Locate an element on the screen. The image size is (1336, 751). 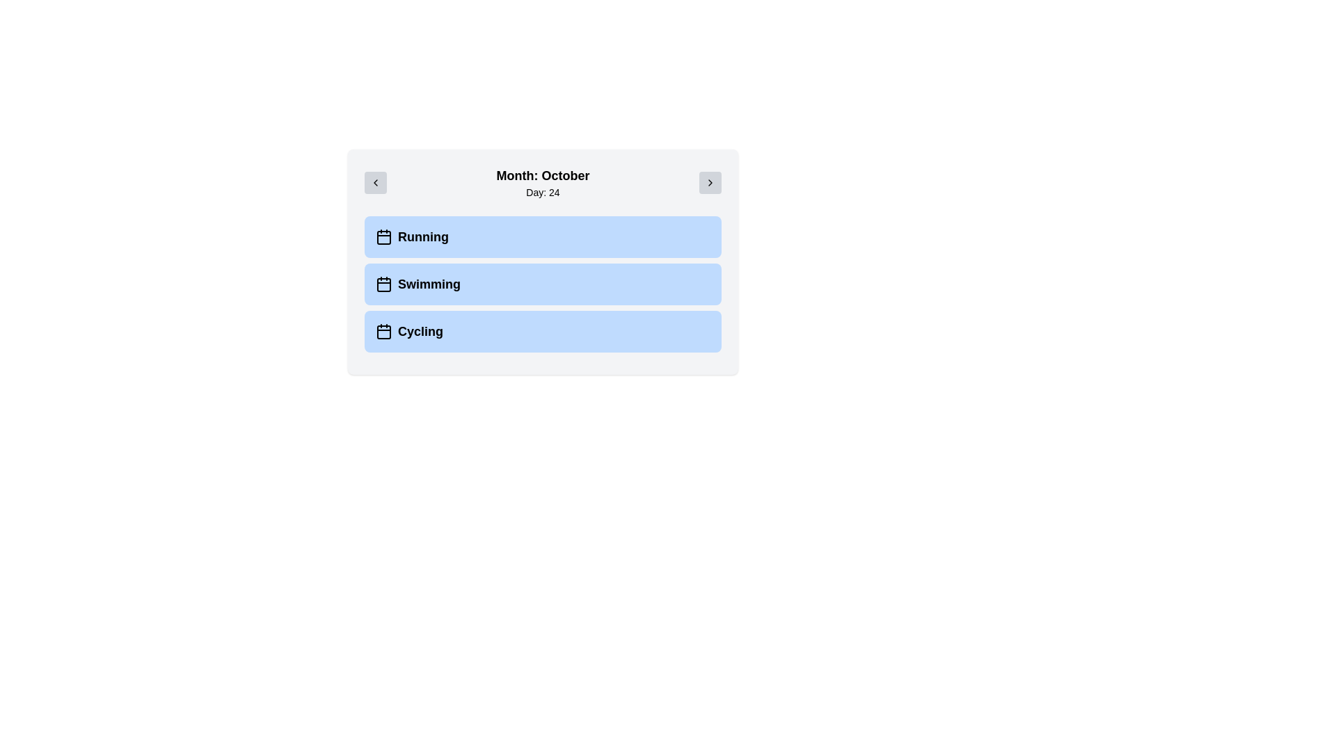
text content of the small text display showing 'Day: 24', which is located directly below the 'Month: October' header is located at coordinates (542, 193).